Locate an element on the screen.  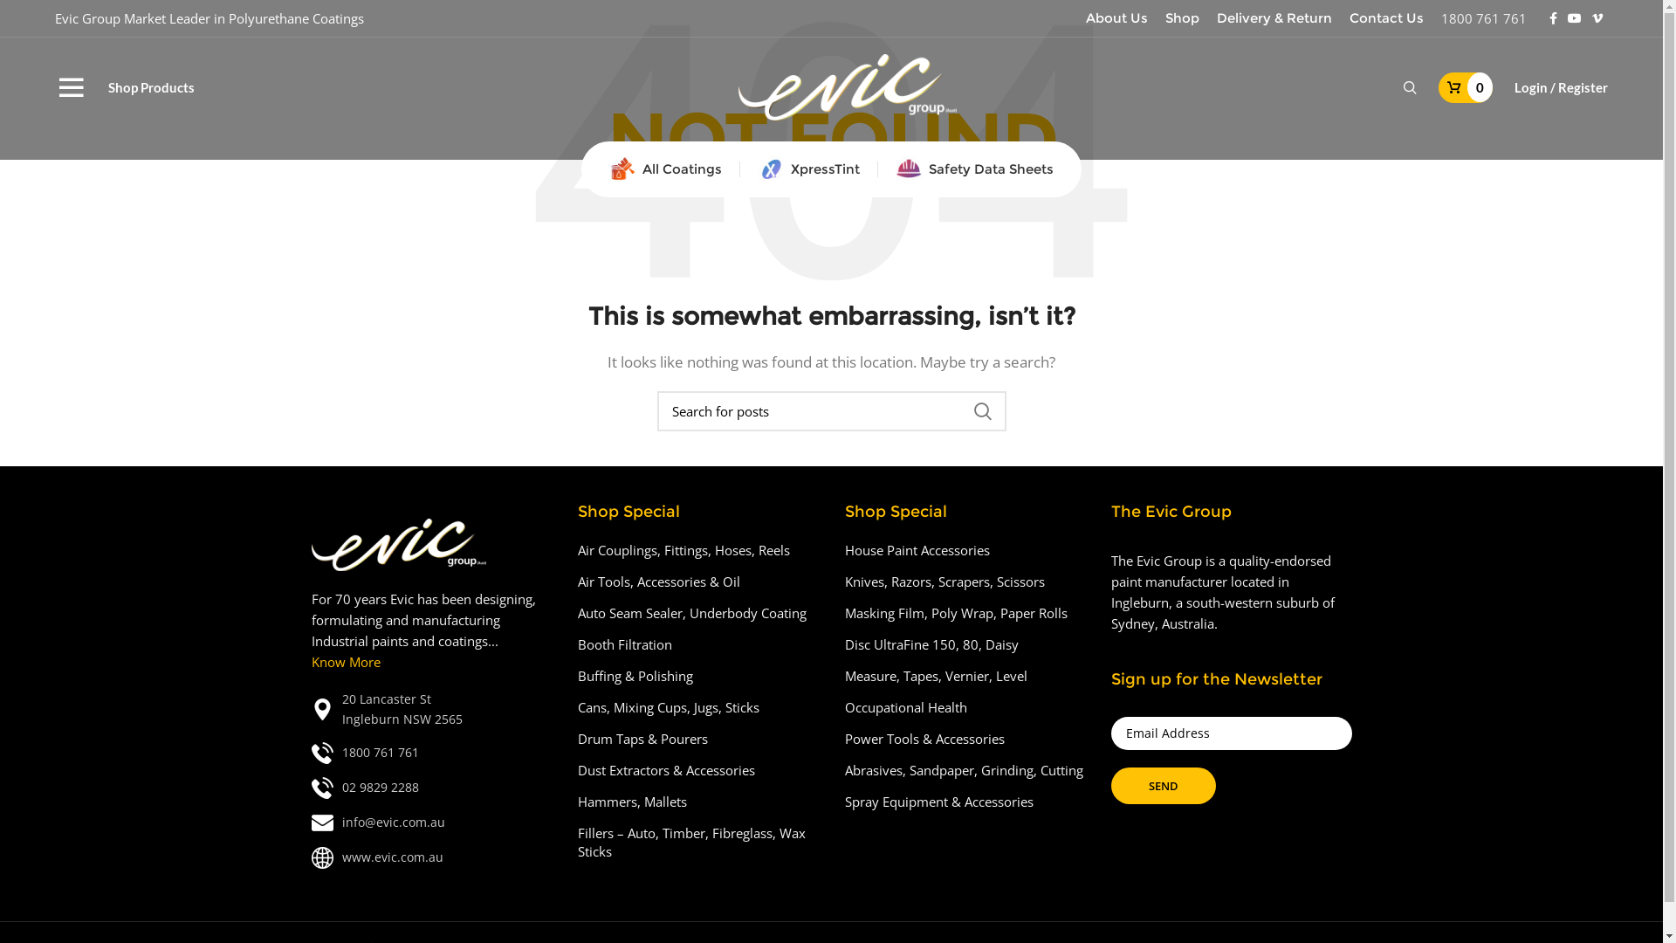
'About Us' is located at coordinates (1116, 17).